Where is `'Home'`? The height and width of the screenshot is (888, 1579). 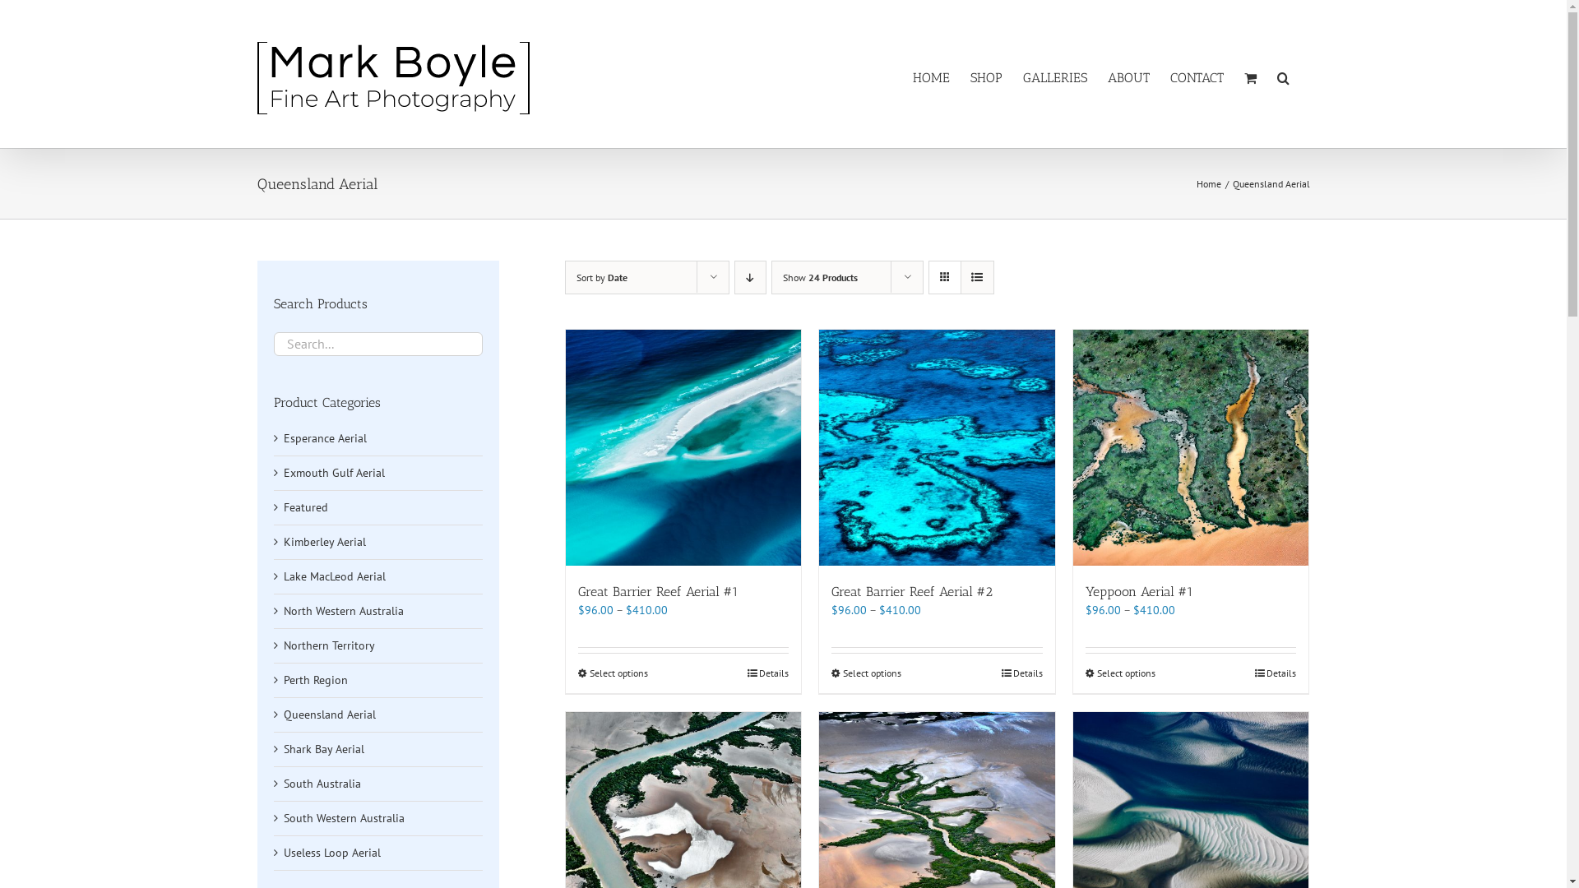
'Home' is located at coordinates (1207, 183).